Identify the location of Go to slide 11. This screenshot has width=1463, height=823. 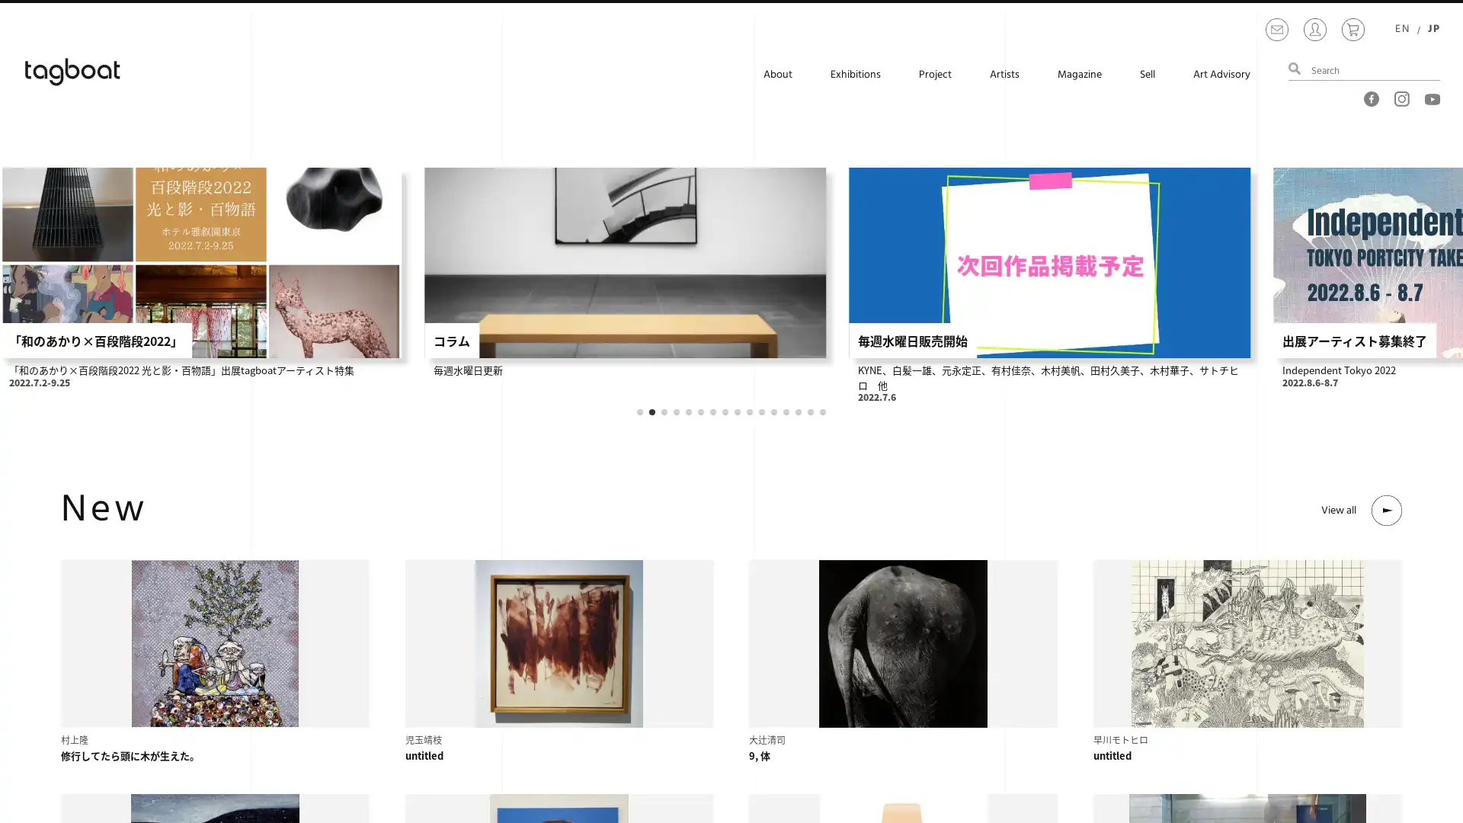
(761, 411).